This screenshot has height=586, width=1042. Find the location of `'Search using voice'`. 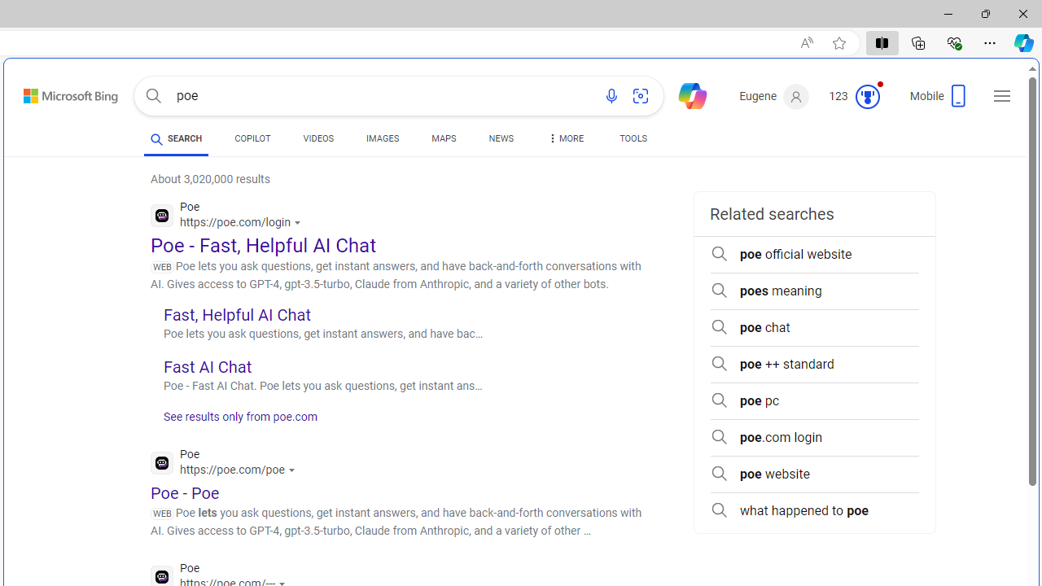

'Search using voice' is located at coordinates (611, 96).